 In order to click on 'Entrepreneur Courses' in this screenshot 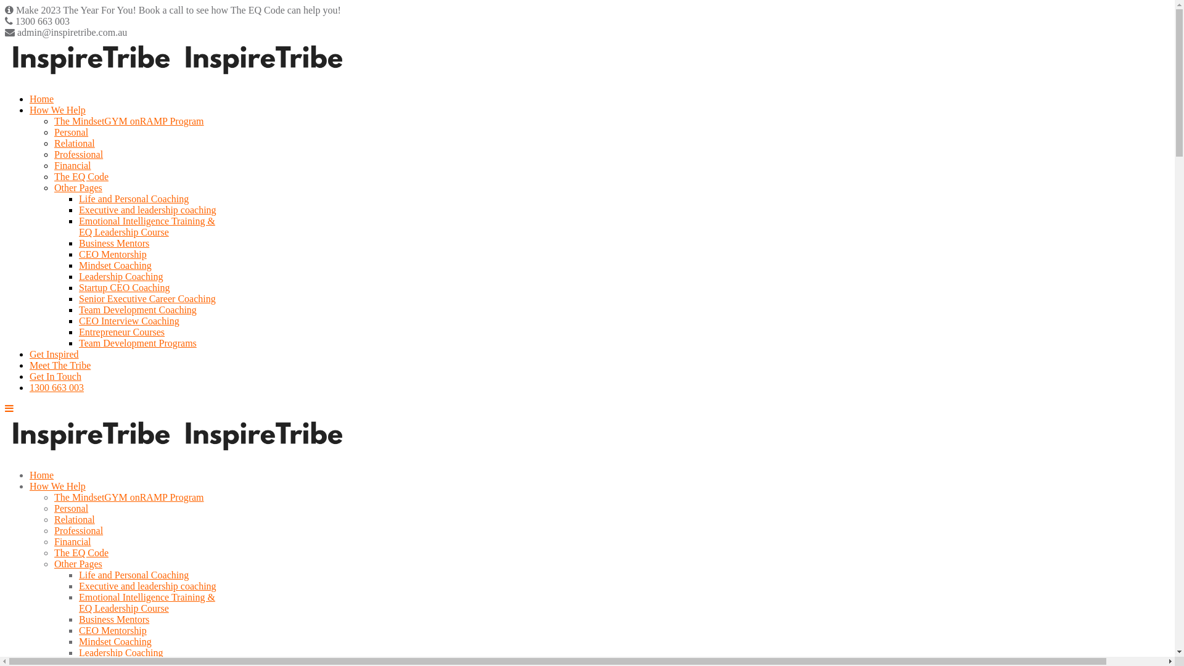, I will do `click(121, 331)`.